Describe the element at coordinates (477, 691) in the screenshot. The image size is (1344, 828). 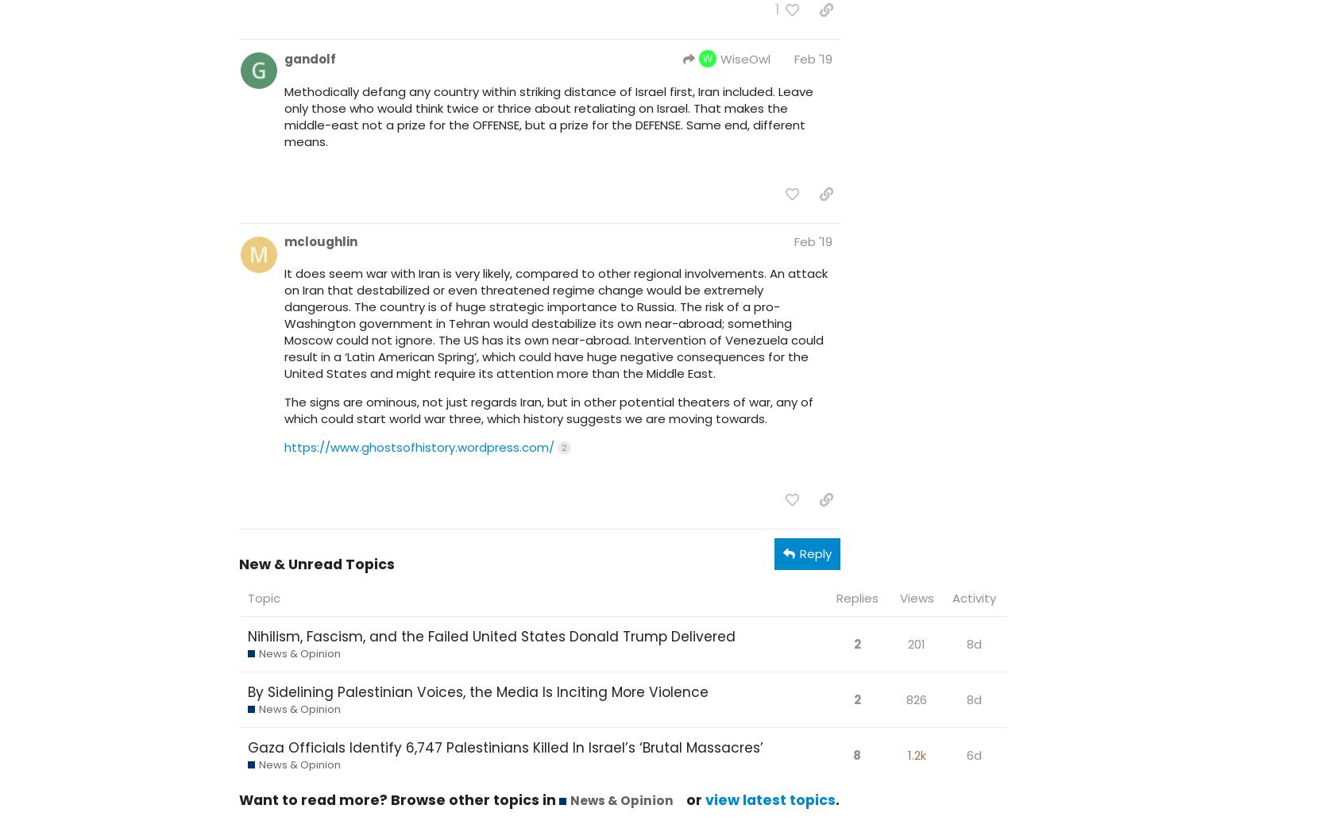
I see `'By Sidelining Palestinian Voices, the Media Is Inciting More Violence'` at that location.